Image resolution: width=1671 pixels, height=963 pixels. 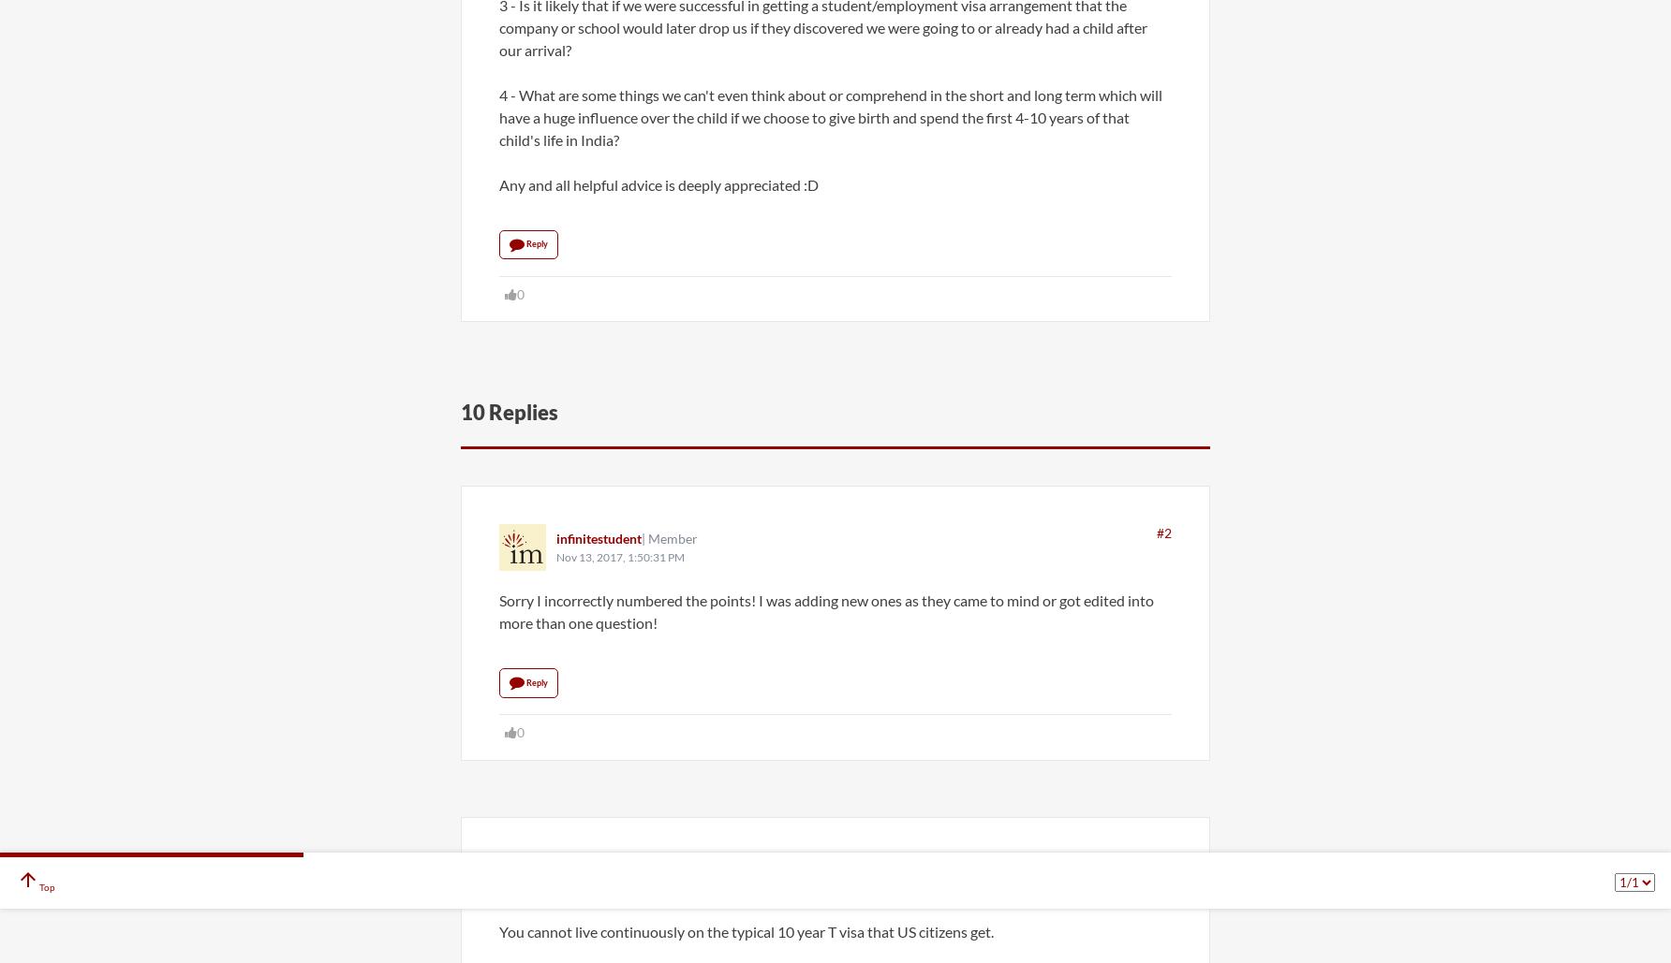 What do you see at coordinates (499, 929) in the screenshot?
I see `'You cannot live continuously on the typical 10 year T visa that US citizens get.'` at bounding box center [499, 929].